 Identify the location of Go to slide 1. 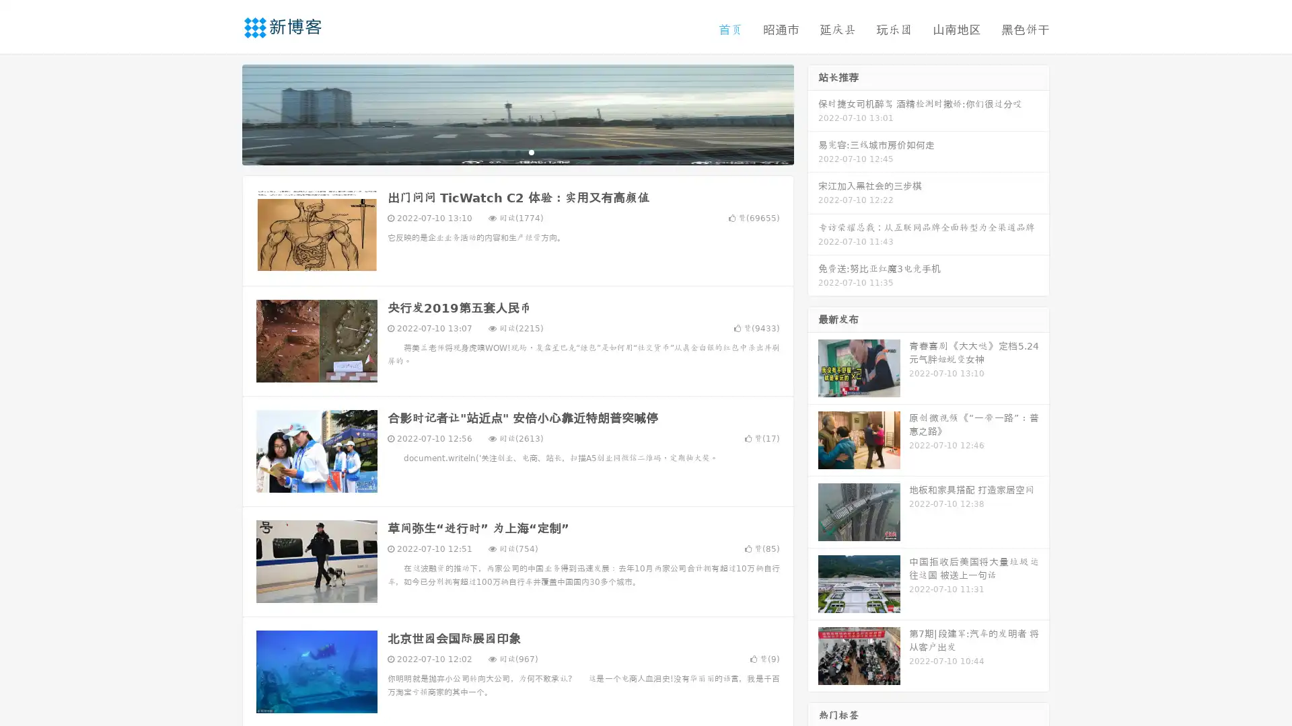
(503, 151).